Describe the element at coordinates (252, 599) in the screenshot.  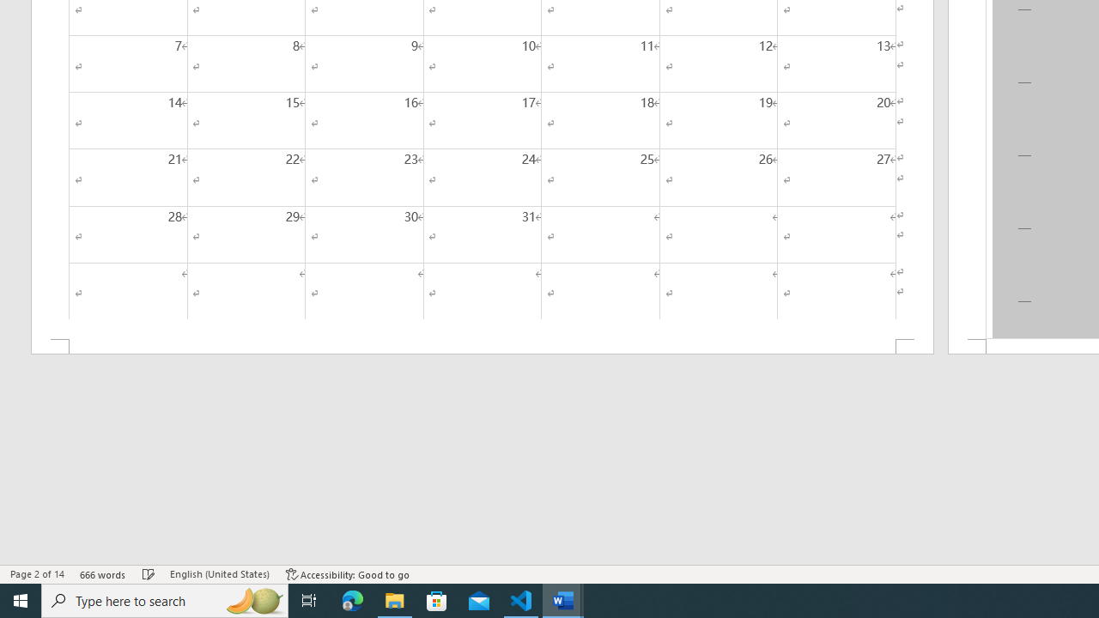
I see `'Search highlights icon opens search home window'` at that location.